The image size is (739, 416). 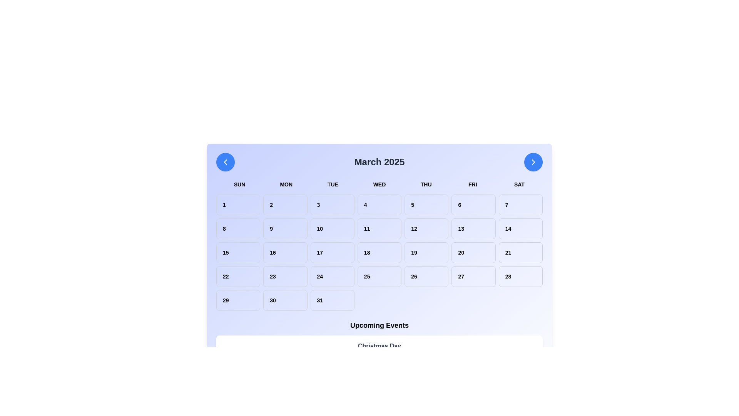 What do you see at coordinates (379, 346) in the screenshot?
I see `the 'Christmas Day' text label, which serves as the title of an event located in a card structure under 'Upcoming Events'` at bounding box center [379, 346].